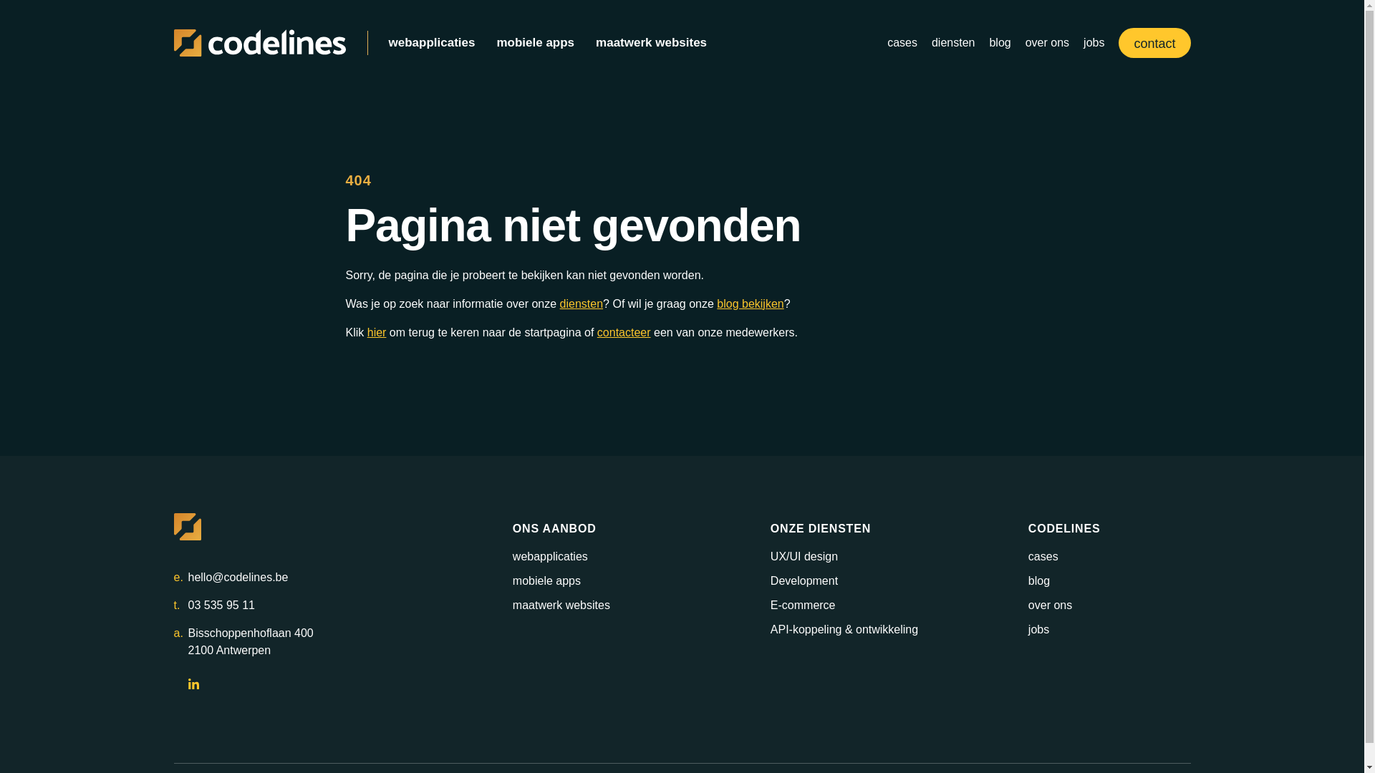 Image resolution: width=1375 pixels, height=773 pixels. I want to click on 'hello@codelines.be', so click(187, 576).